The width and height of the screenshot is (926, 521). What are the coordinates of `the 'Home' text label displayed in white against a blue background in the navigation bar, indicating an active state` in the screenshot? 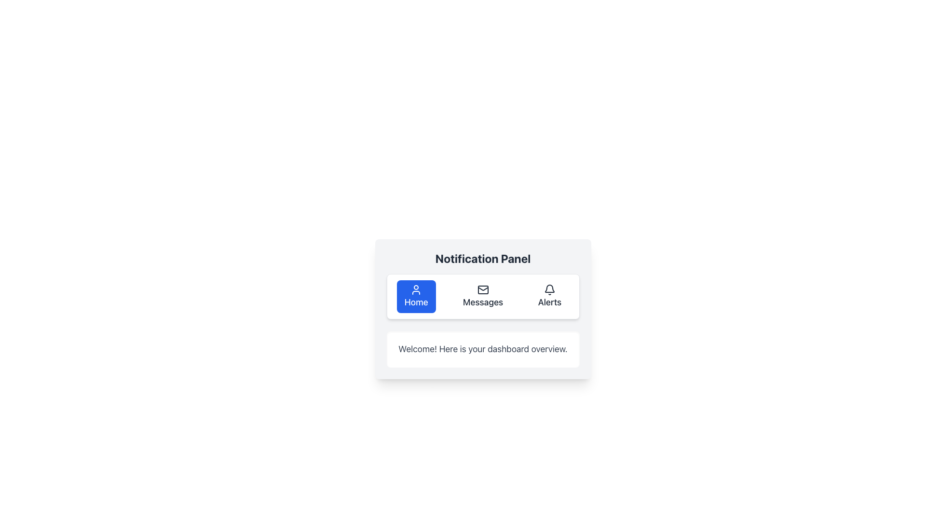 It's located at (416, 302).